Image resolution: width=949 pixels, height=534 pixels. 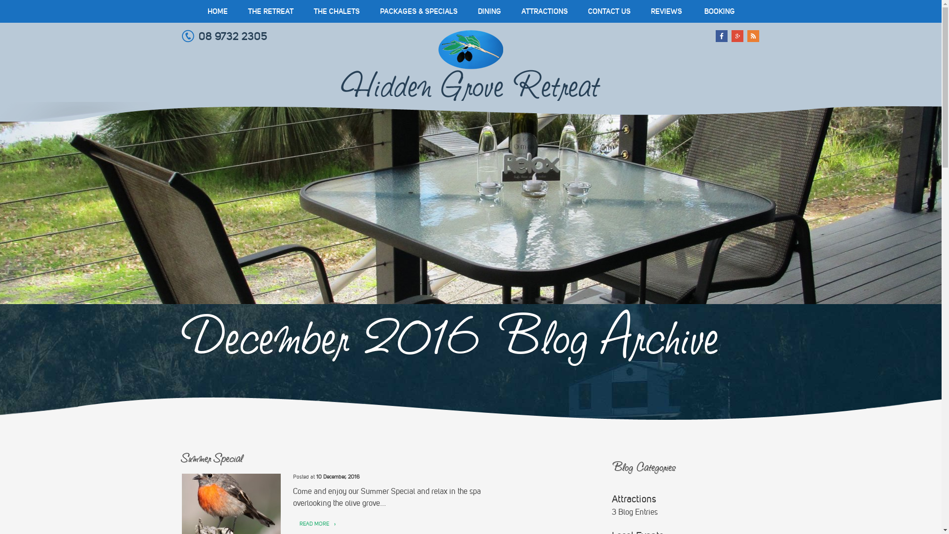 What do you see at coordinates (467, 11) in the screenshot?
I see `'DINING'` at bounding box center [467, 11].